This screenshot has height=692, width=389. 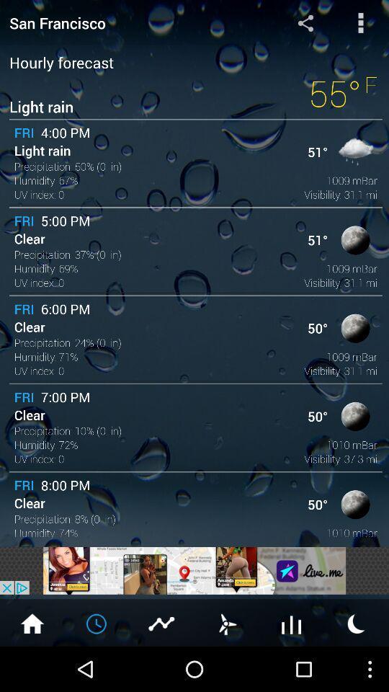 What do you see at coordinates (360, 22) in the screenshot?
I see `open the menu` at bounding box center [360, 22].